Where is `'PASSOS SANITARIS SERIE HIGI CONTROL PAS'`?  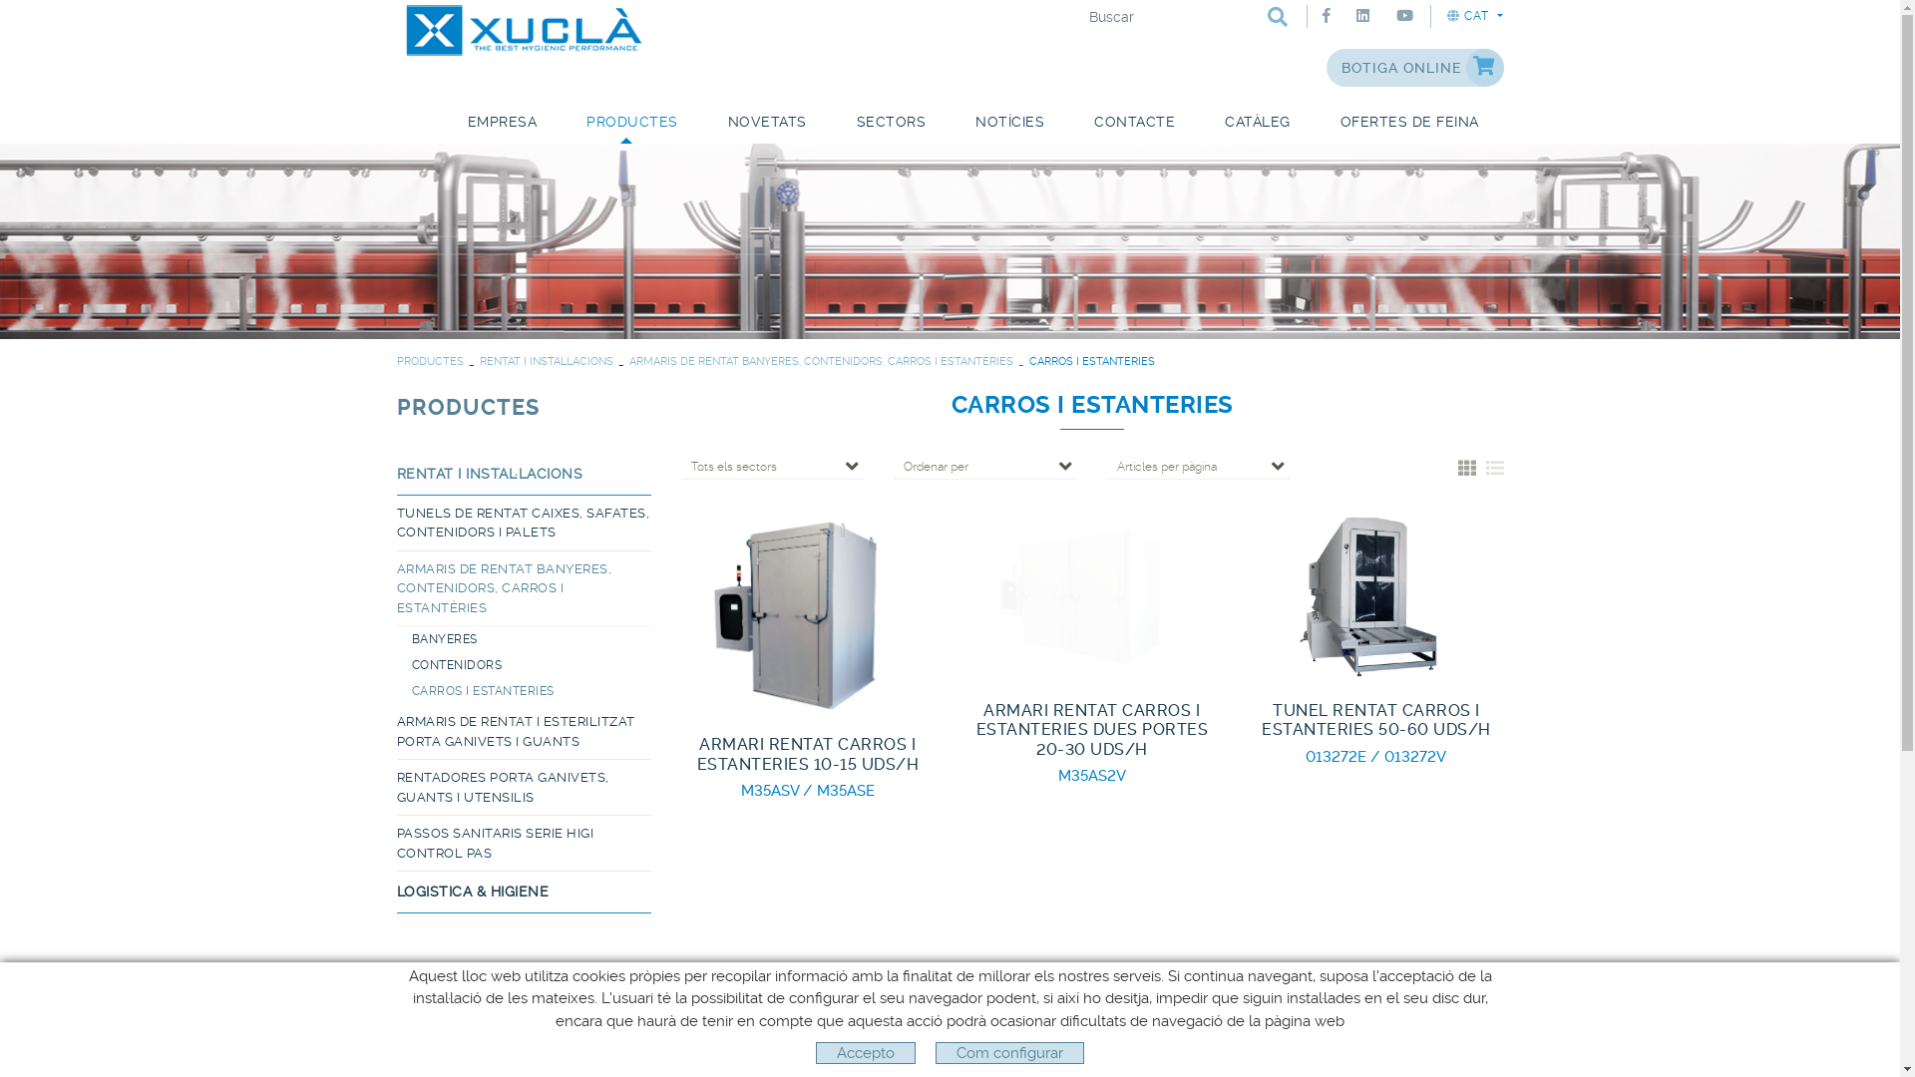
'PASSOS SANITARIS SERIE HIGI CONTROL PAS' is located at coordinates (397, 843).